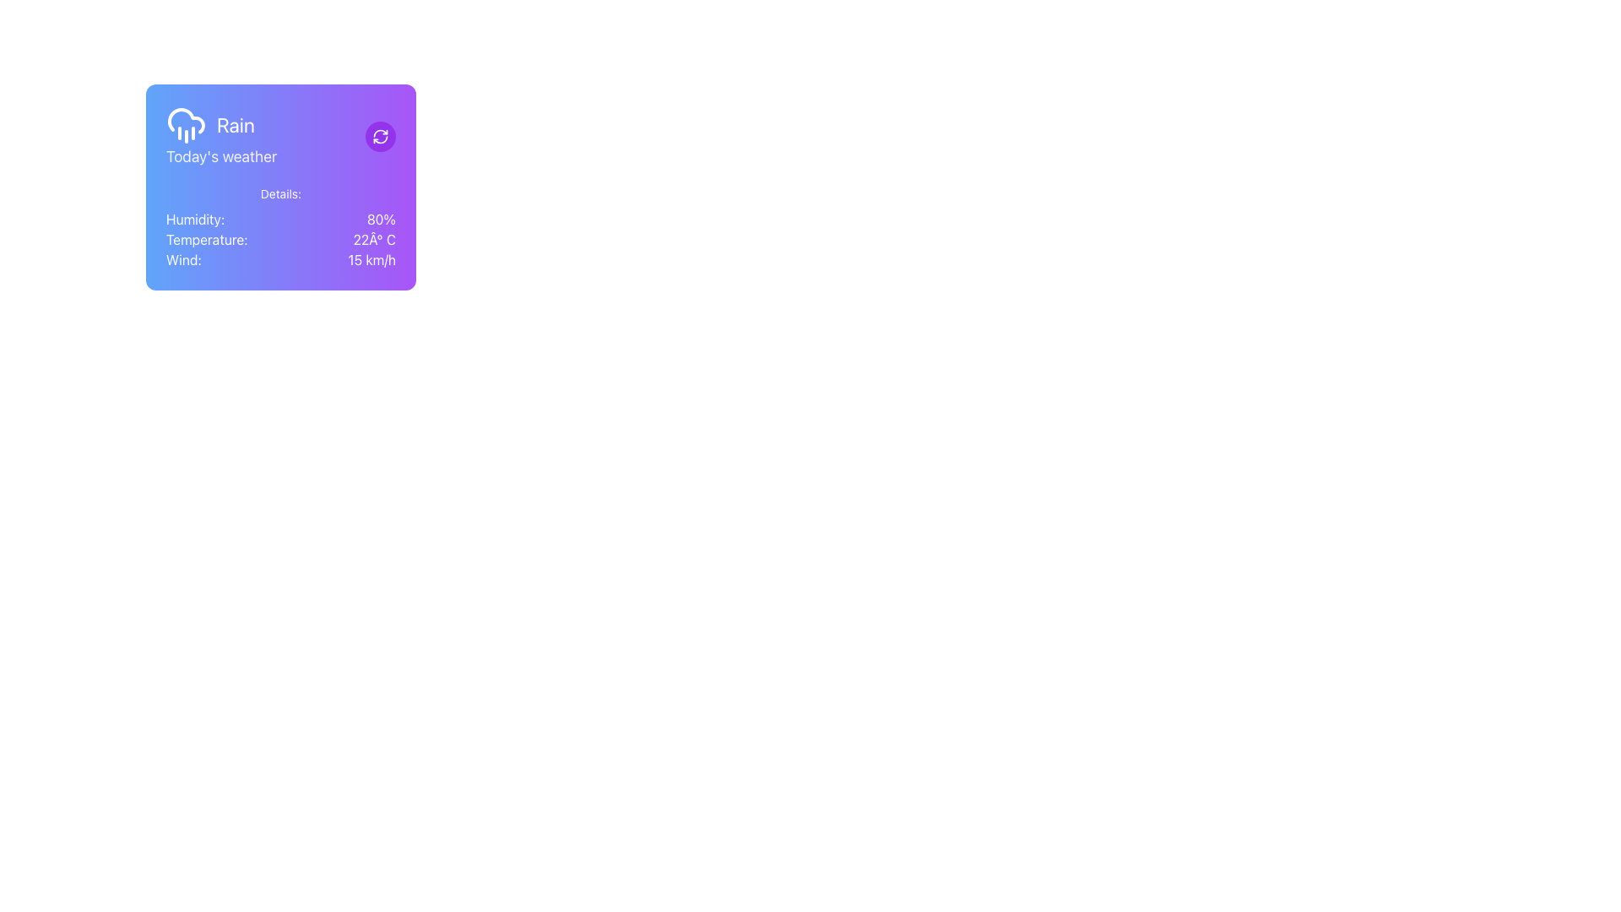  I want to click on the refresh icon button, which is a white outlined graphic with arrows in a circular motion on a purple circular background, located at the top-right corner of the weather information card, to refresh the weather data, so click(380, 136).